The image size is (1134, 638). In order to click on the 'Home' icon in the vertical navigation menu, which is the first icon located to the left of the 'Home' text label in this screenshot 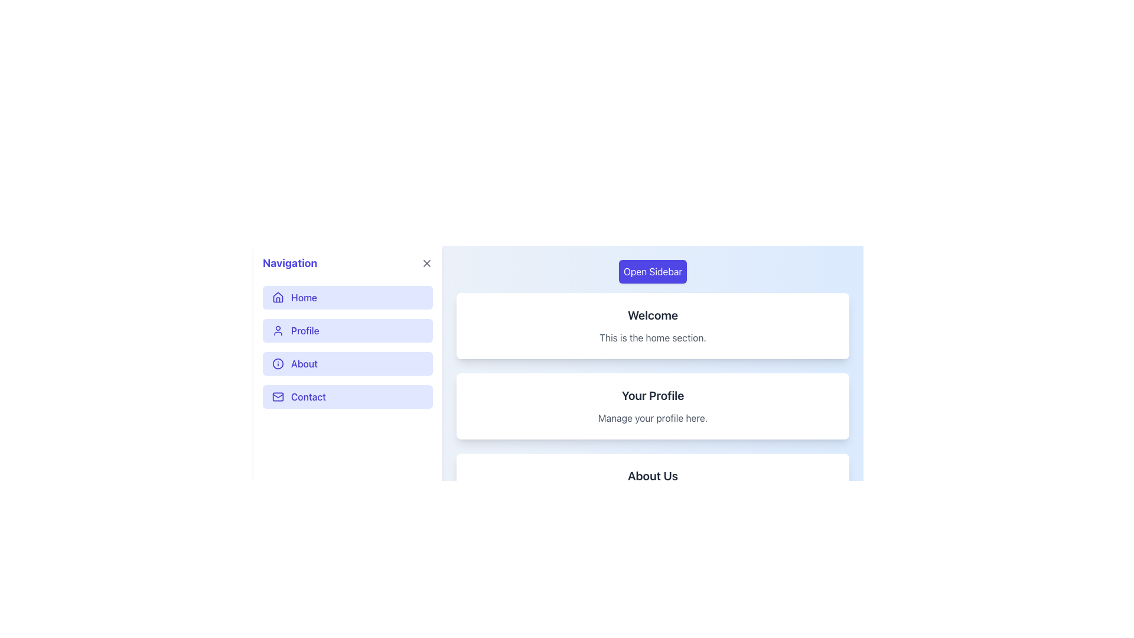, I will do `click(277, 296)`.